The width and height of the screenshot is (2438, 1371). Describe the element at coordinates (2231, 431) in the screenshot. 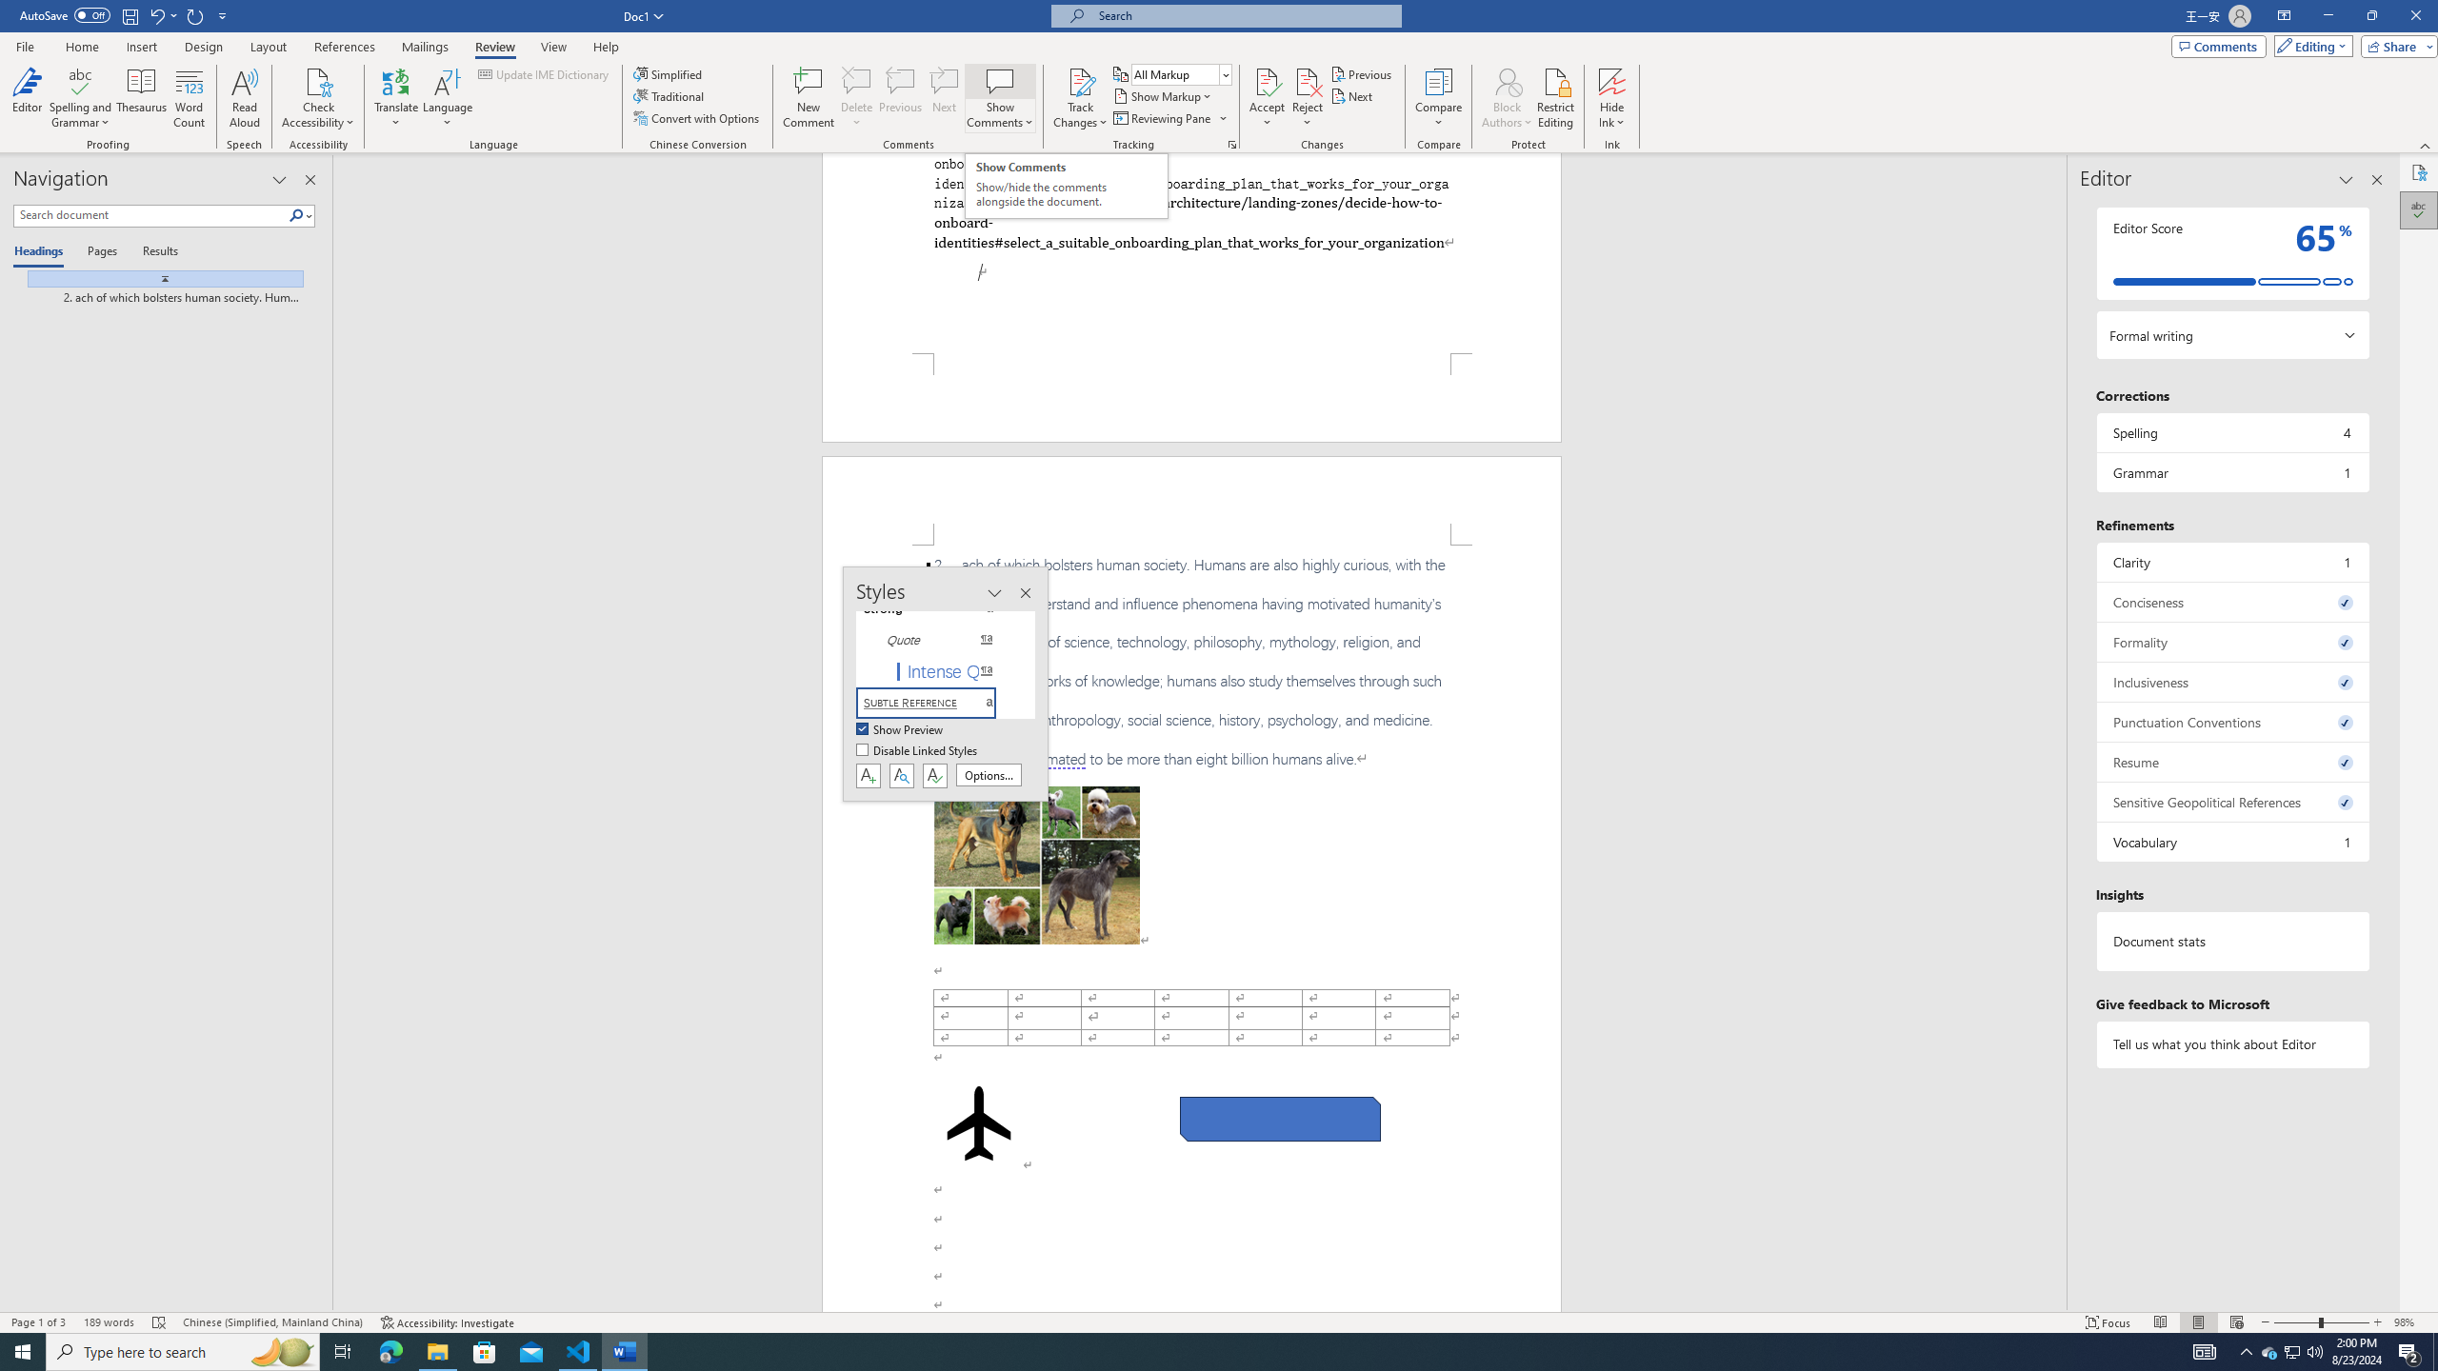

I see `'Spelling, 4 issues. Press space or enter to review items.'` at that location.